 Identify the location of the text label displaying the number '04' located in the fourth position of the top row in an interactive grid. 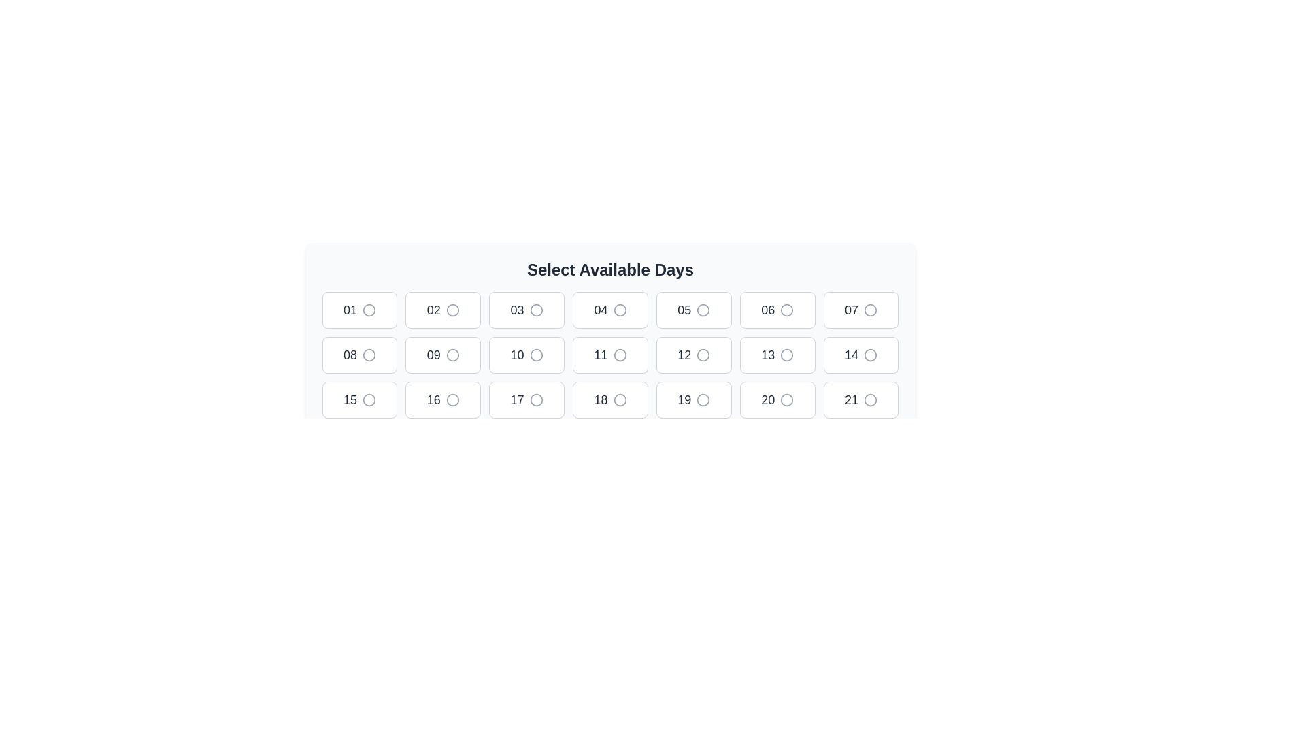
(600, 310).